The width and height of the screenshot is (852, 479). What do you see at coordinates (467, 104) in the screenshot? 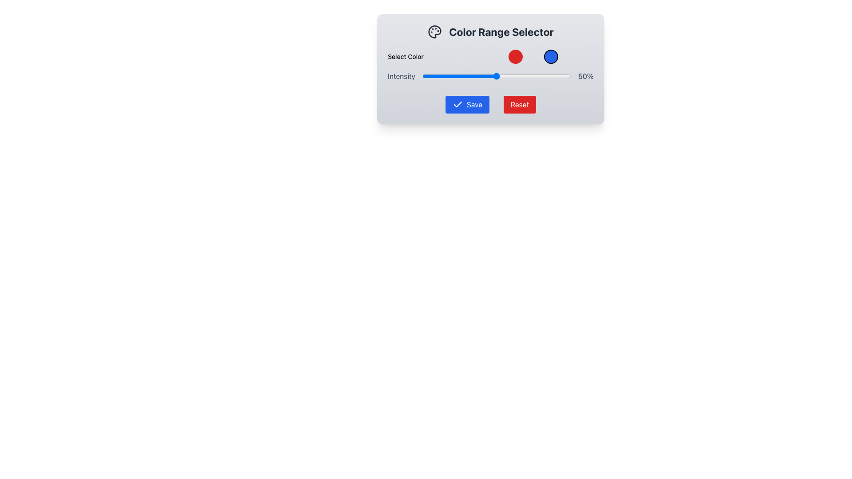
I see `the 'Save' button, which has a bold blue background and a white checkmark icon` at bounding box center [467, 104].